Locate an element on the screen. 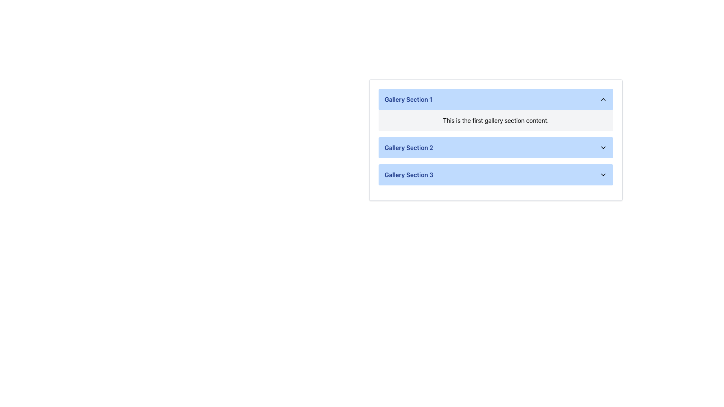 The width and height of the screenshot is (724, 407). the downward-pointing chevron icon located on the right side of the 'Gallery Section 2' header is located at coordinates (603, 148).